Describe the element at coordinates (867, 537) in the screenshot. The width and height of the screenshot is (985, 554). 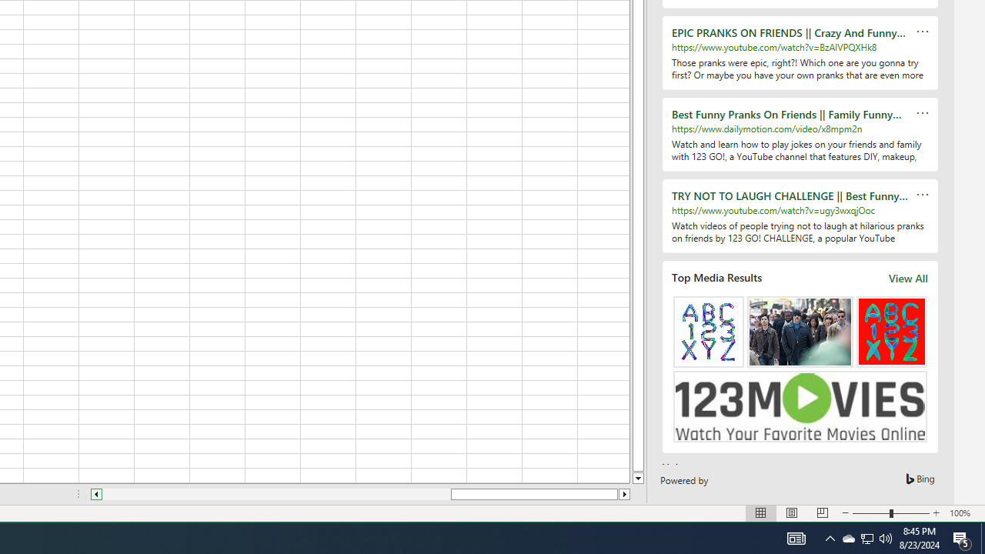
I see `'User Promoted Notification Area'` at that location.